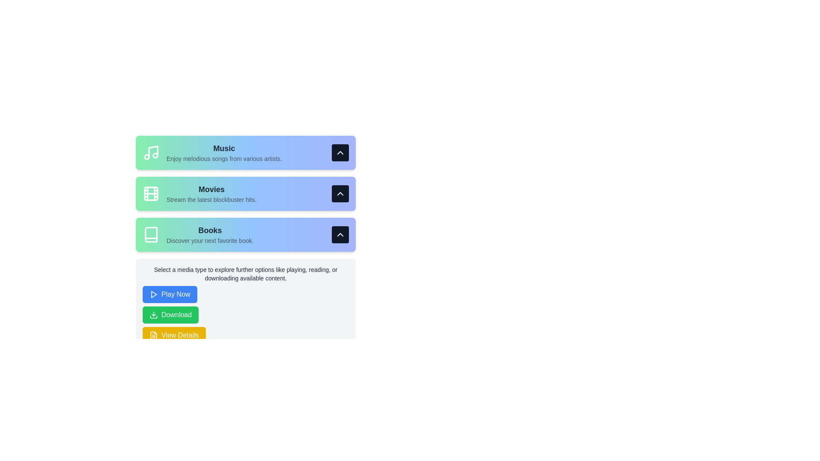  I want to click on the graphical icon resembling a book, located in the 'Books' section of the interface, beneath the 'Movies' item and above action buttons like 'Play Now', so click(151, 235).